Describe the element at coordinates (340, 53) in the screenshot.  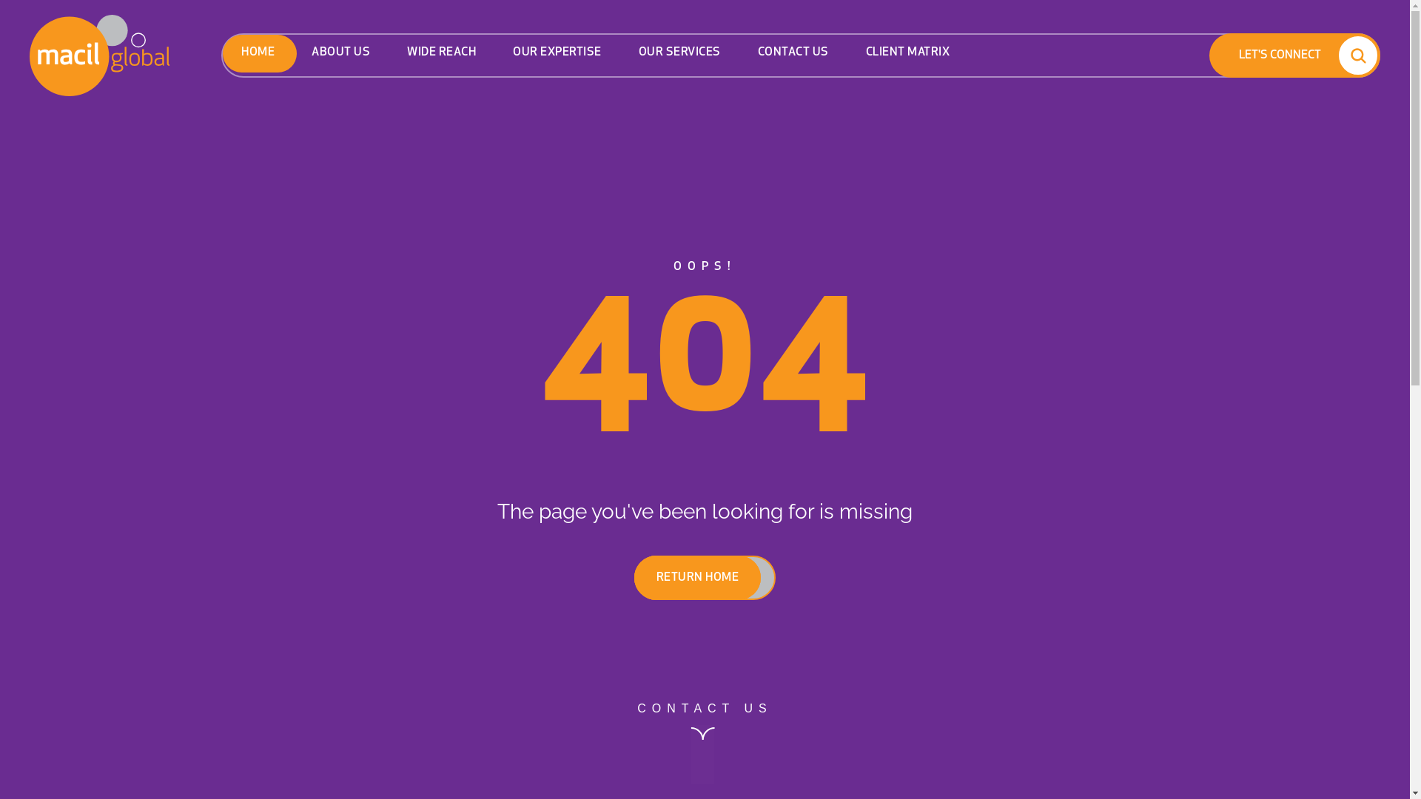
I see `'ABOUT US'` at that location.